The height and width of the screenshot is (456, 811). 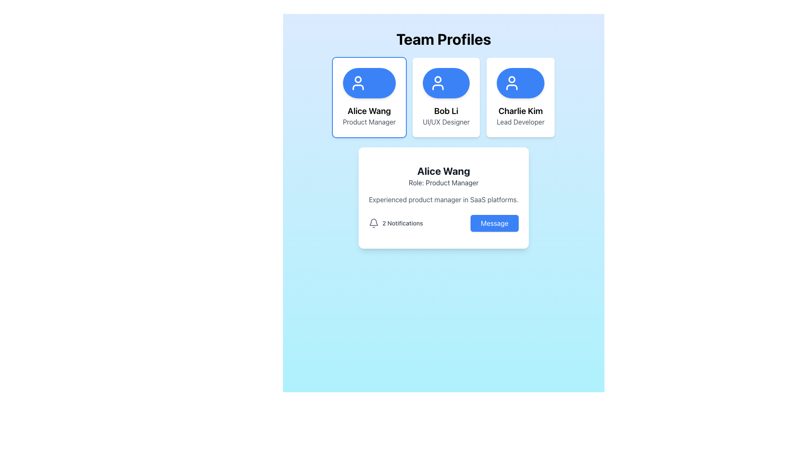 What do you see at coordinates (438, 79) in the screenshot?
I see `the SVG Circle Element within the user avatar icon for Bob Li, the second profile in the top row of the Team Profiles section` at bounding box center [438, 79].